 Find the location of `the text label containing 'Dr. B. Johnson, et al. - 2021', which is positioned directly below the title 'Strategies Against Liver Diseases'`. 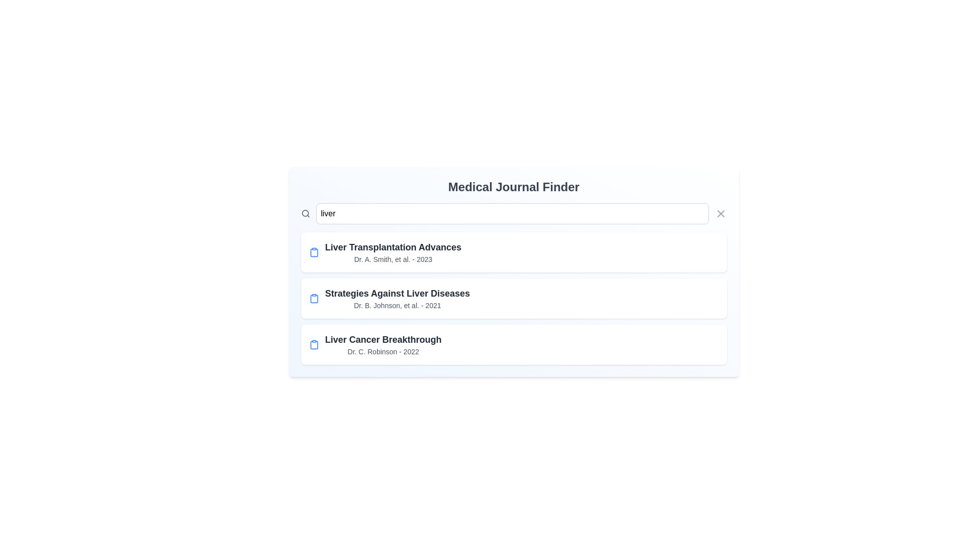

the text label containing 'Dr. B. Johnson, et al. - 2021', which is positioned directly below the title 'Strategies Against Liver Diseases' is located at coordinates (397, 305).